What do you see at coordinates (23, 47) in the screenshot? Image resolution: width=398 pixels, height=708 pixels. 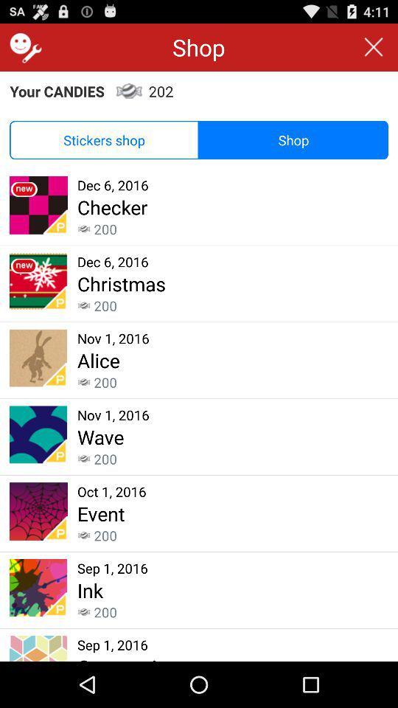 I see `tools` at bounding box center [23, 47].